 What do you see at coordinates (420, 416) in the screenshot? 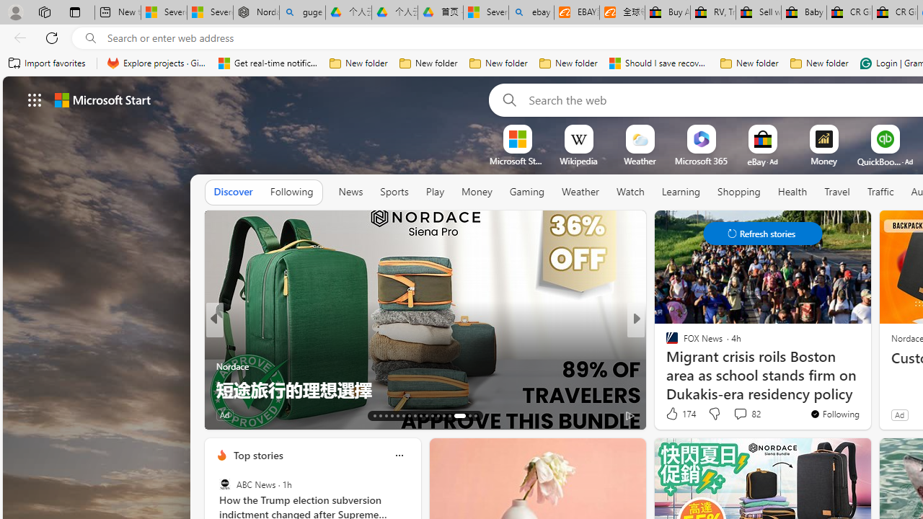
I see `'AutomationID: tab-21'` at bounding box center [420, 416].